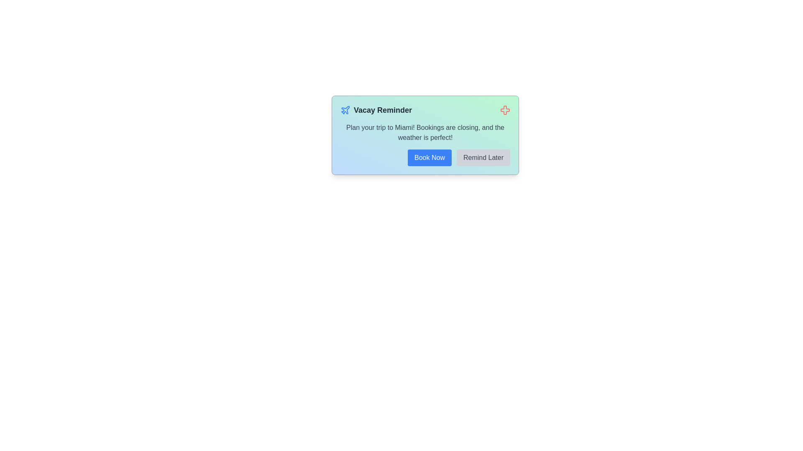 Image resolution: width=803 pixels, height=451 pixels. What do you see at coordinates (345, 109) in the screenshot?
I see `the plane icon located at the top-right corner of the reminder card, near the header text 'Vacay Reminder.'` at bounding box center [345, 109].